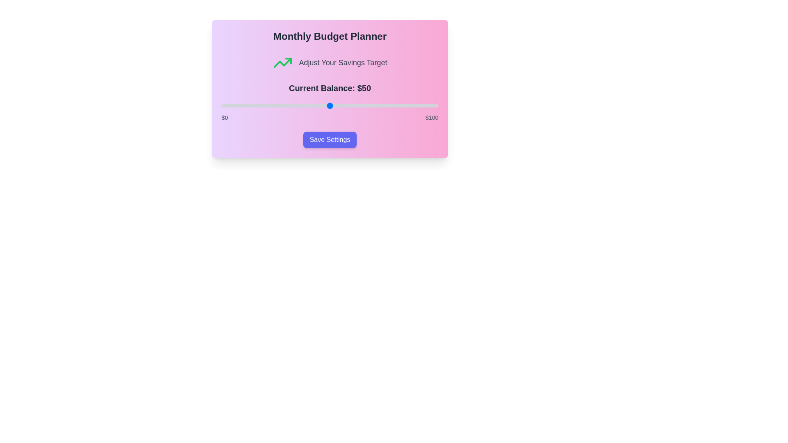  Describe the element at coordinates (330, 139) in the screenshot. I see `the 'Save Settings' button to save the current budget settings` at that location.